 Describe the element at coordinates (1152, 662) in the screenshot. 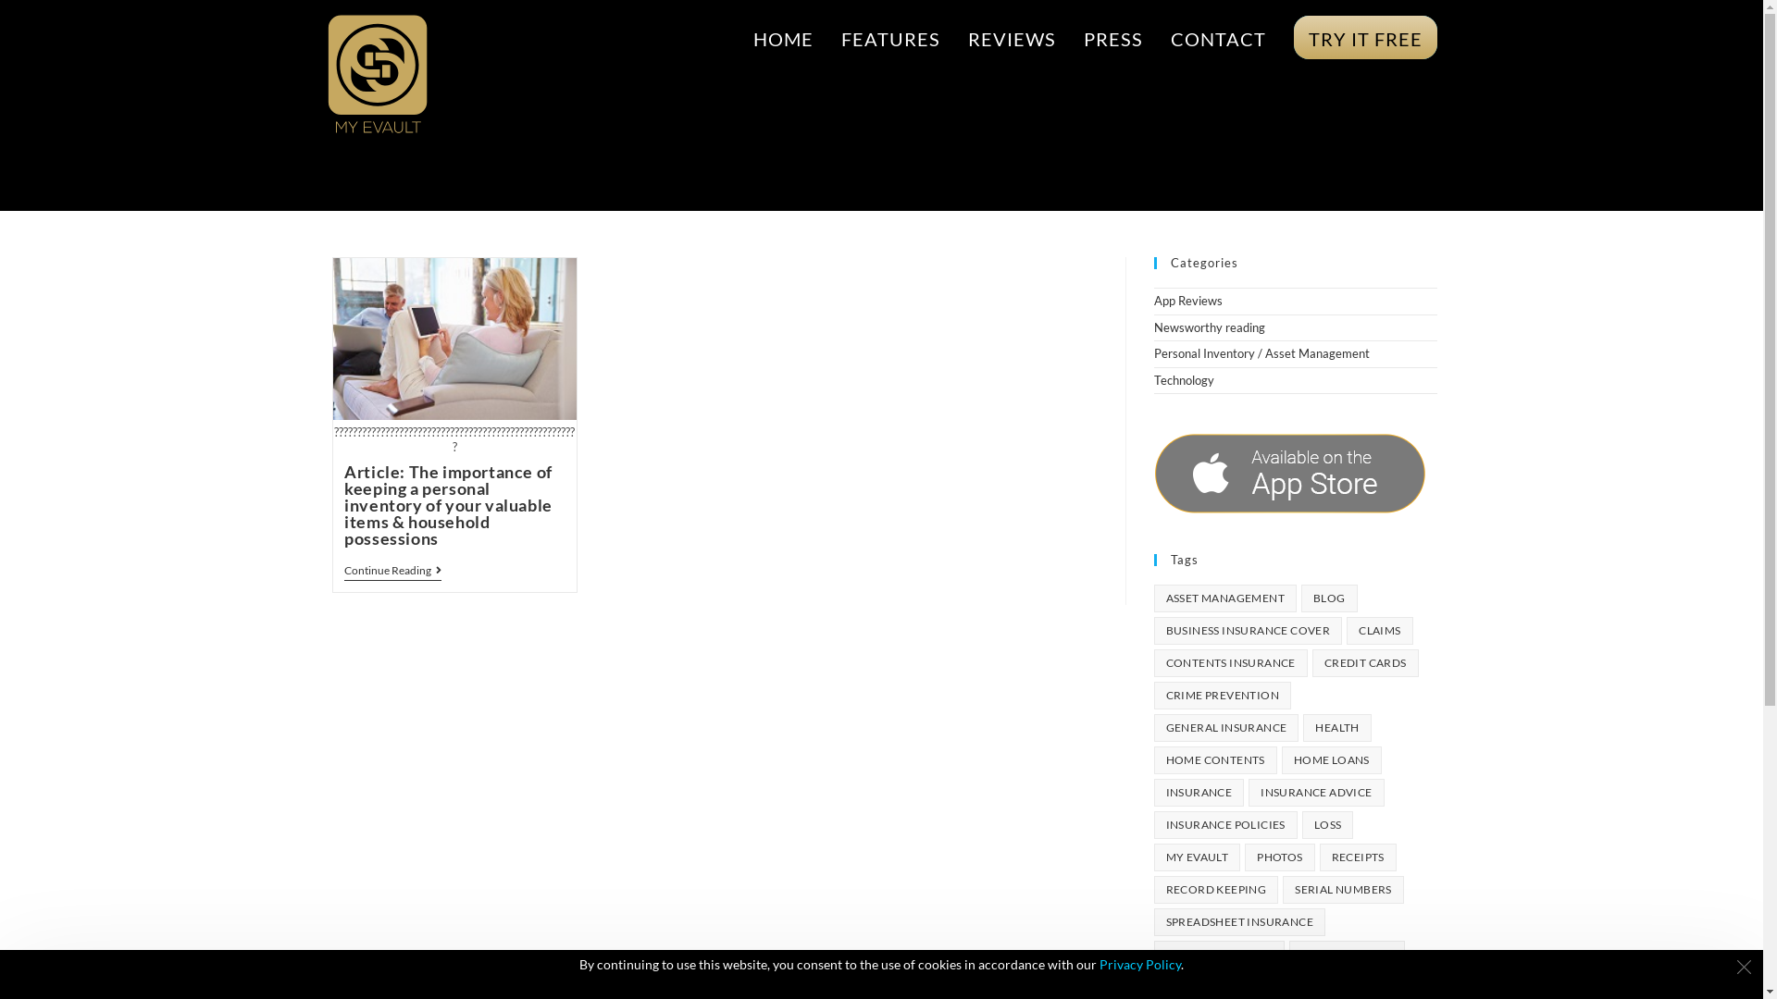

I see `'CONTENTS INSURANCE'` at that location.